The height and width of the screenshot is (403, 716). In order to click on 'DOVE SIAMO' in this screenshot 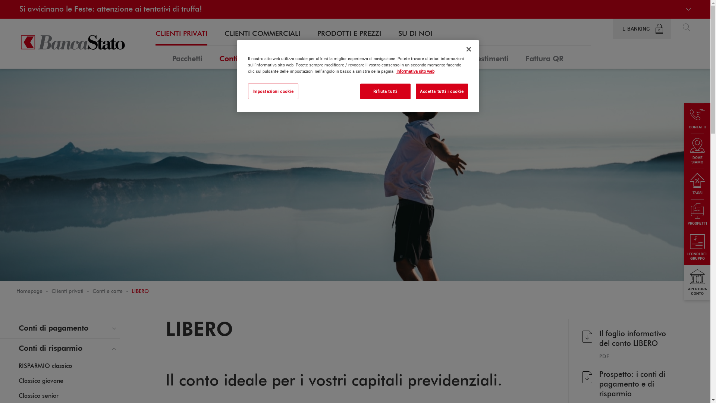, I will do `click(697, 151)`.